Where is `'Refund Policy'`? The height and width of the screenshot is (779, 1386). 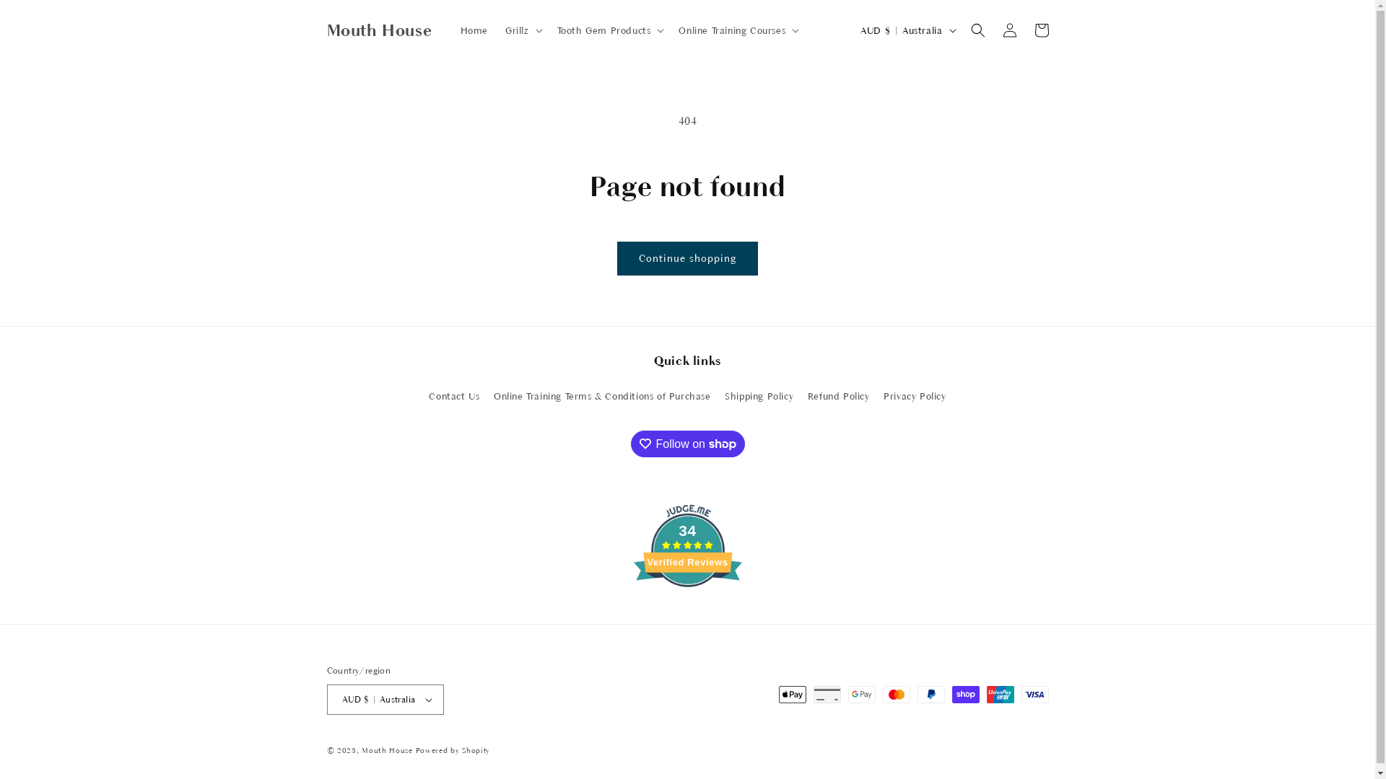
'Refund Policy' is located at coordinates (838, 396).